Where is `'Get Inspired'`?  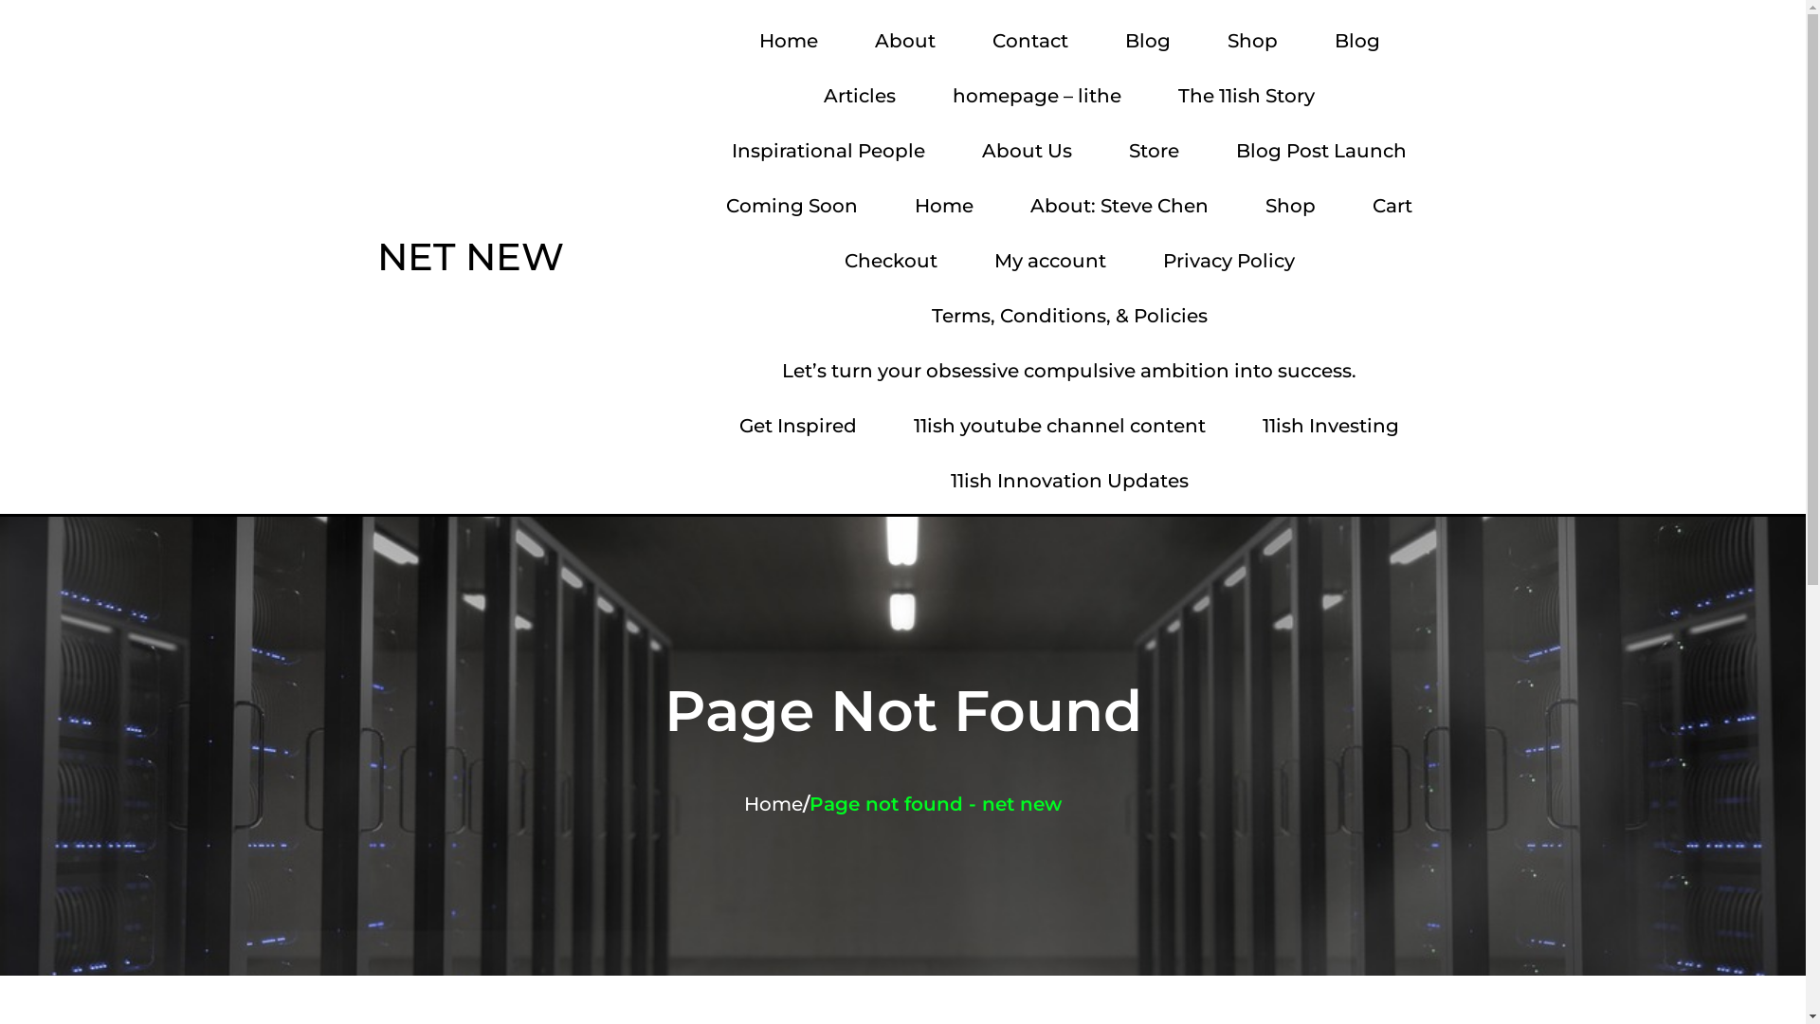
'Get Inspired' is located at coordinates (797, 424).